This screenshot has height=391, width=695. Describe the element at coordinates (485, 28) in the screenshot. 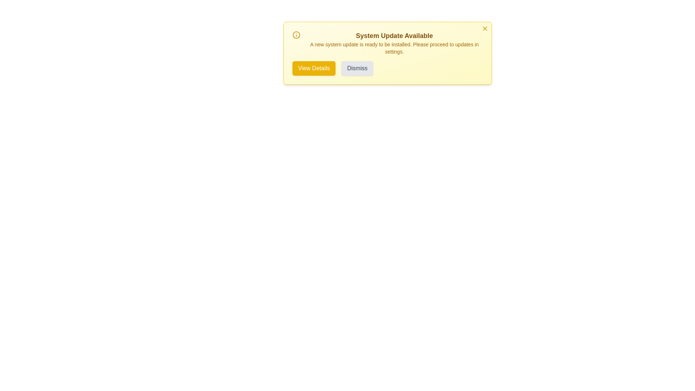

I see `the yellow close button at the top-right corner of the notification card titled 'System Update Available'` at that location.